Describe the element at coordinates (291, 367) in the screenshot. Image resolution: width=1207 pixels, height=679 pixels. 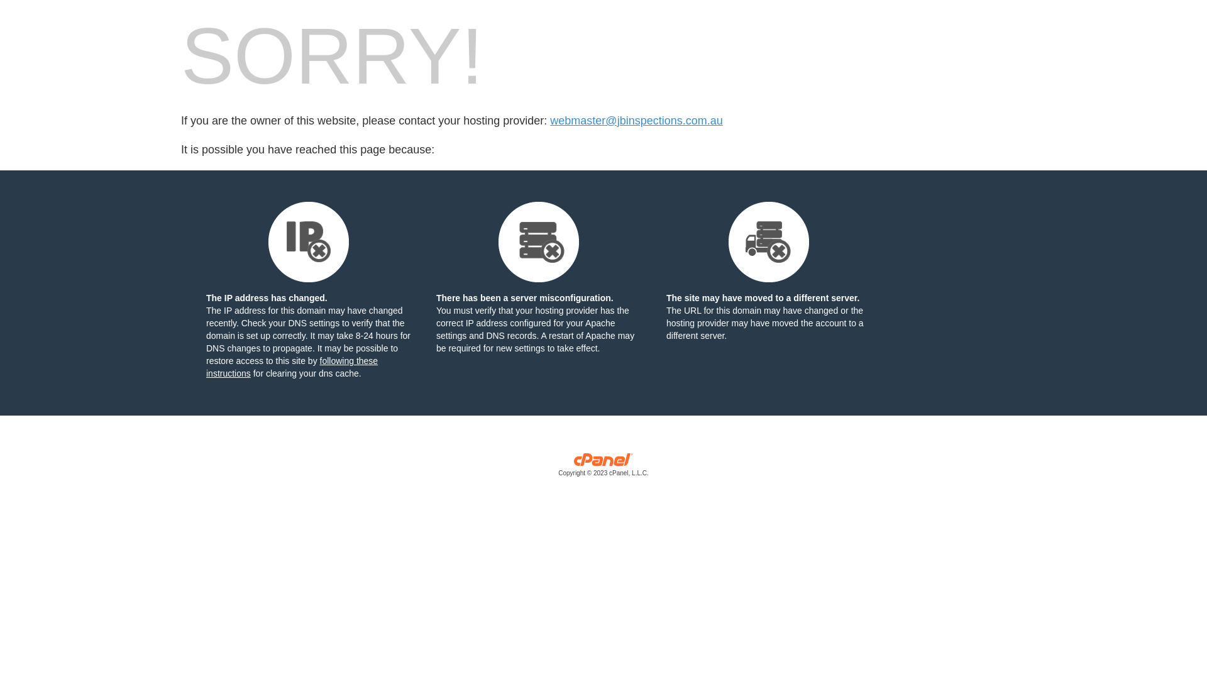
I see `'following these instructions'` at that location.